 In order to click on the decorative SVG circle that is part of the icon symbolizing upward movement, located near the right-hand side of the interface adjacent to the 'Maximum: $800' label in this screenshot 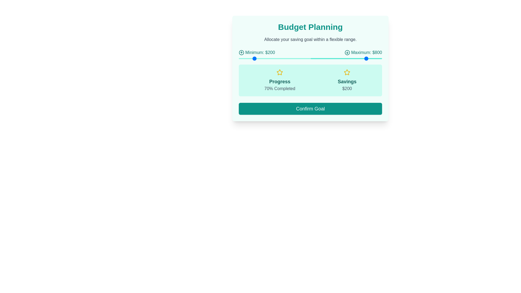, I will do `click(241, 52)`.